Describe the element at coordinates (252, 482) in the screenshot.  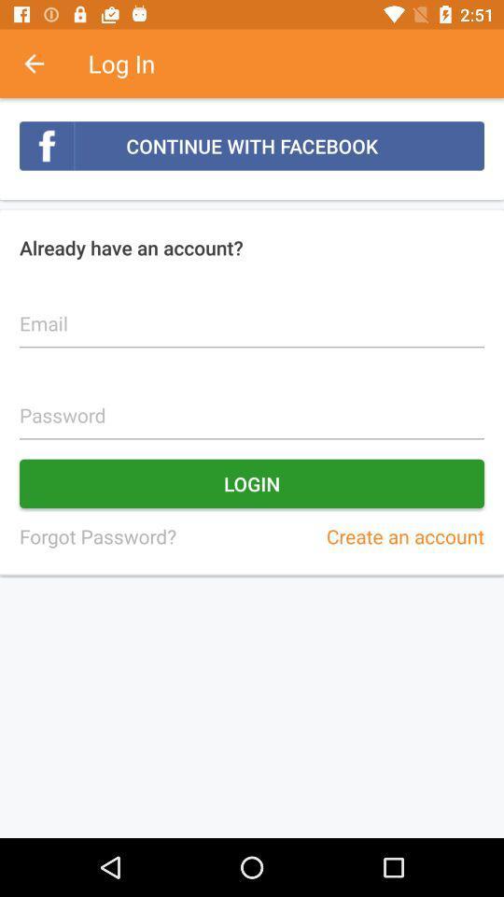
I see `item above the forgot password? icon` at that location.